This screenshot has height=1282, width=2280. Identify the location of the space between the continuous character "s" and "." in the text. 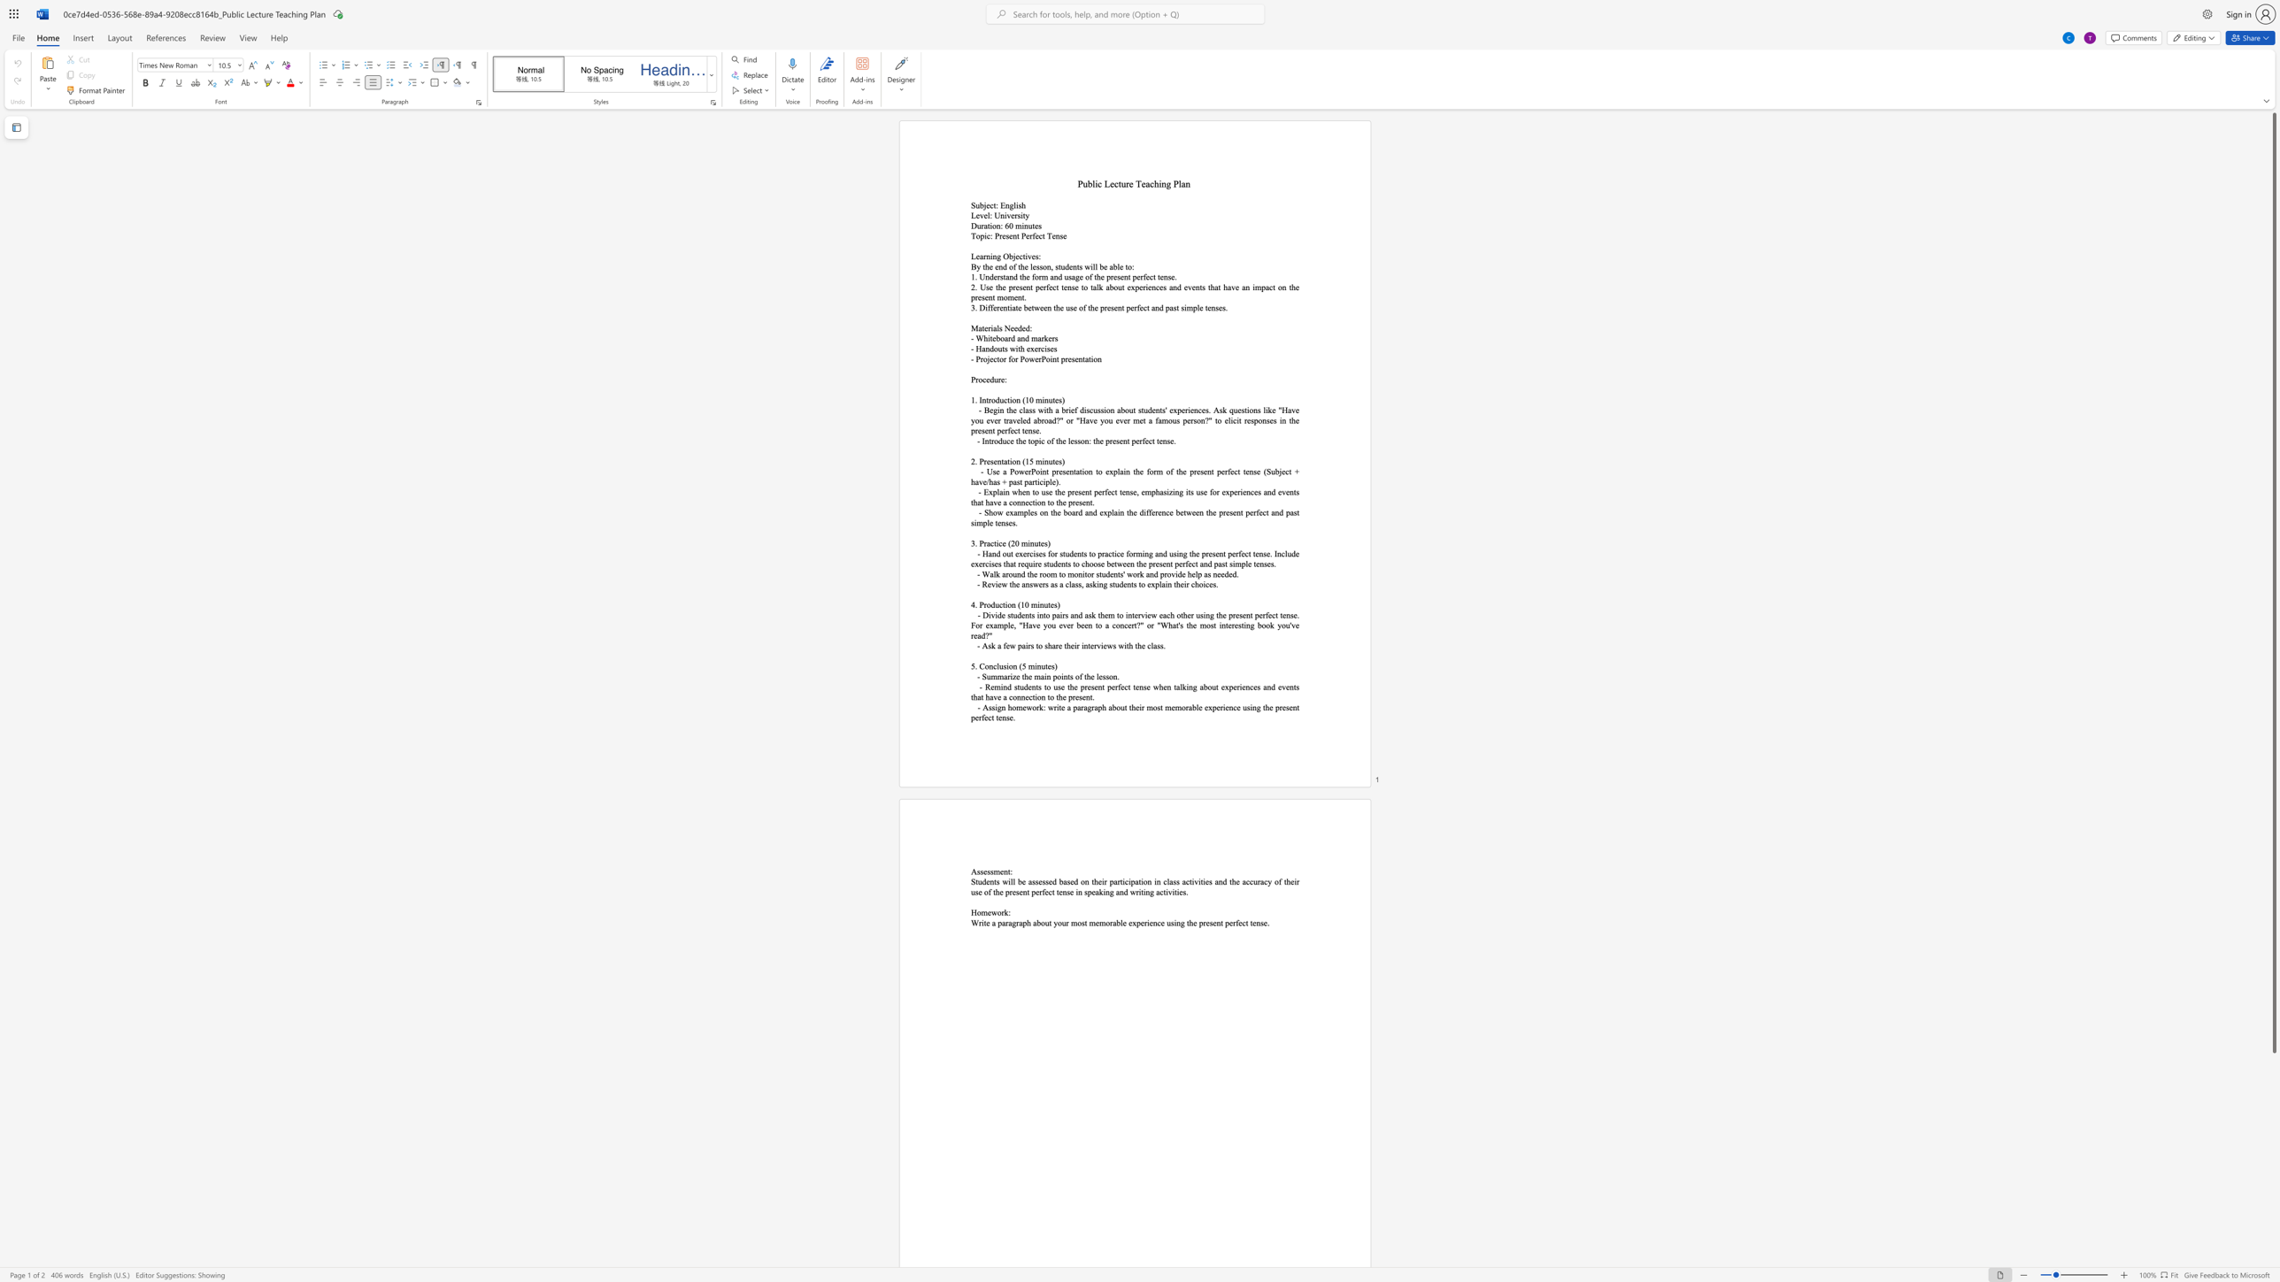
(1162, 645).